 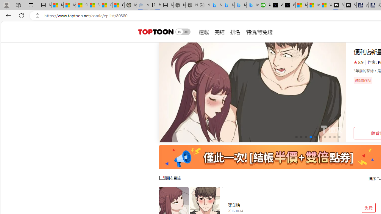 I want to click on 'Class: swiper-slide swiper-slide-prev', so click(x=252, y=92).